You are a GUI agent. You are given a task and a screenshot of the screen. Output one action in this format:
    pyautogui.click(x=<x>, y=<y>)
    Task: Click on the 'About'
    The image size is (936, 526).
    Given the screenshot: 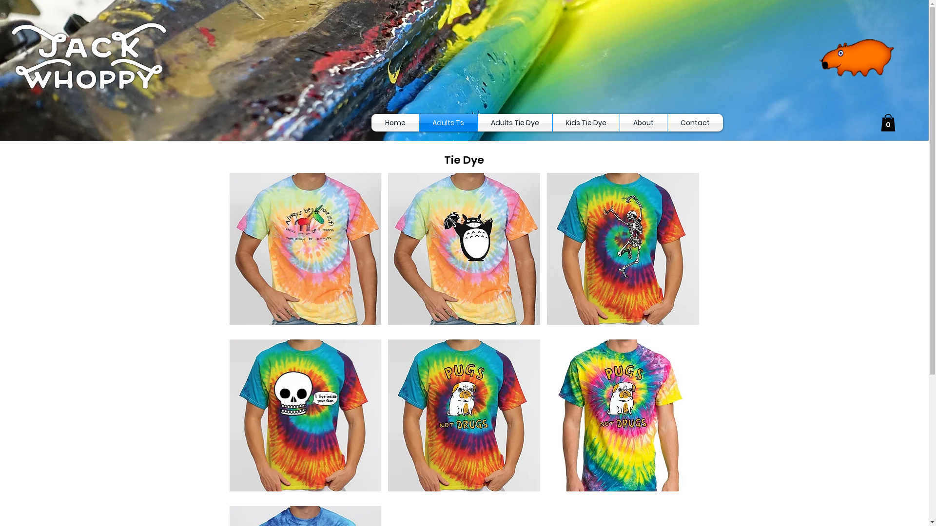 What is the action you would take?
    pyautogui.click(x=620, y=122)
    